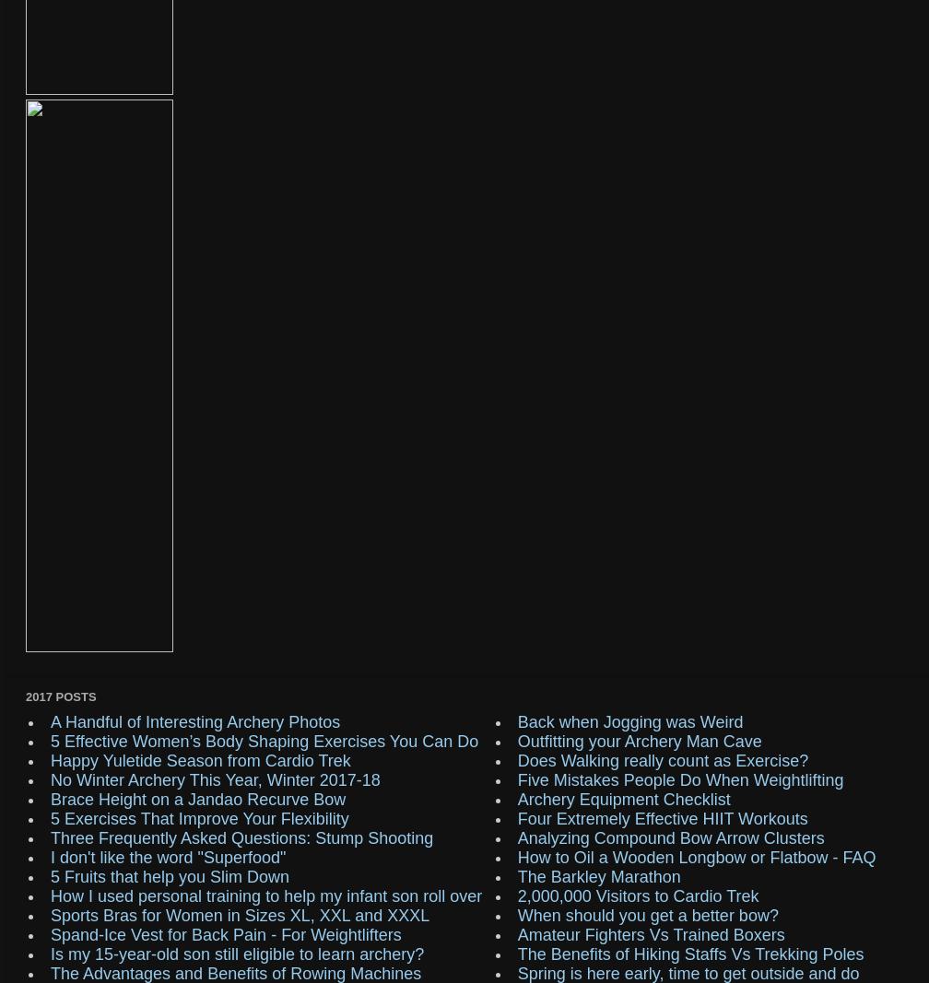  I want to click on 'Sports Bras for Women in Sizes XL, XXL and XXXL', so click(240, 914).